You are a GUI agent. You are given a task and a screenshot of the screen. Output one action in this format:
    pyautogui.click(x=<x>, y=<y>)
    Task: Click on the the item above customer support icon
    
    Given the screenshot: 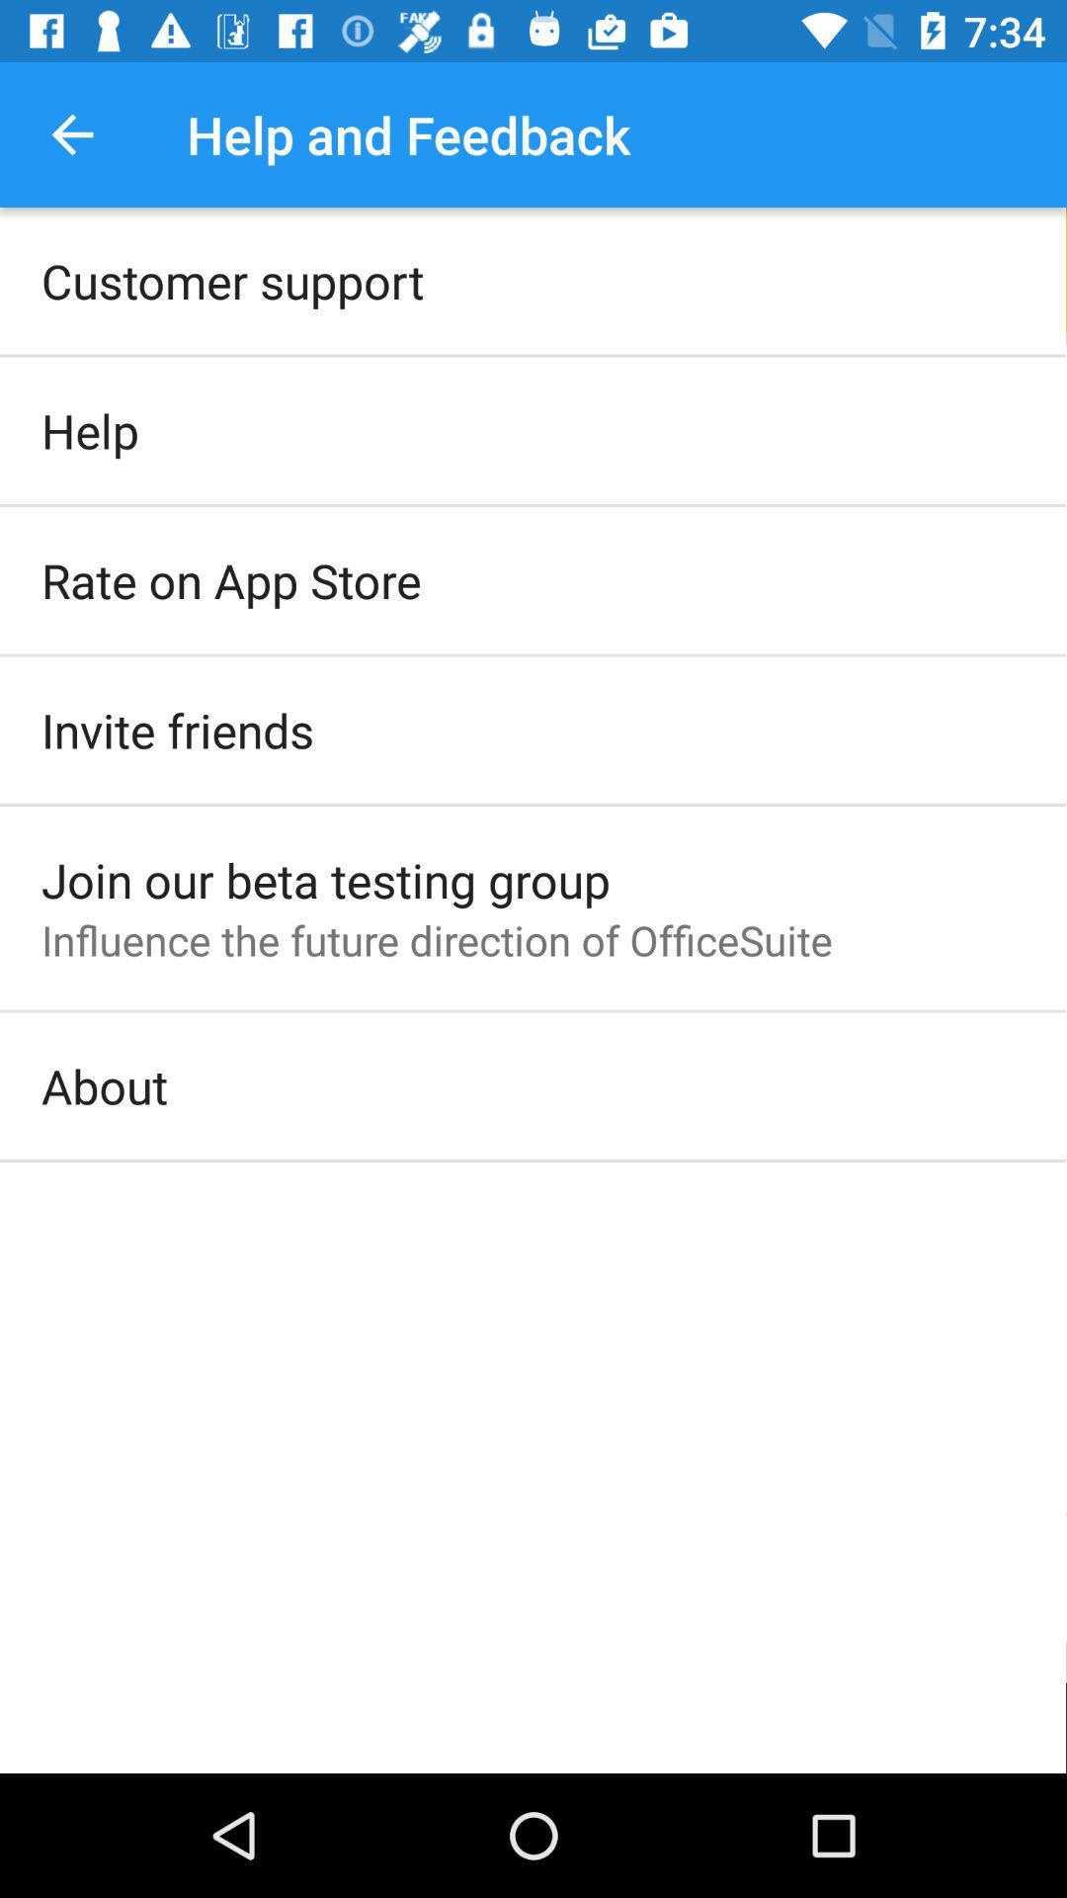 What is the action you would take?
    pyautogui.click(x=71, y=133)
    